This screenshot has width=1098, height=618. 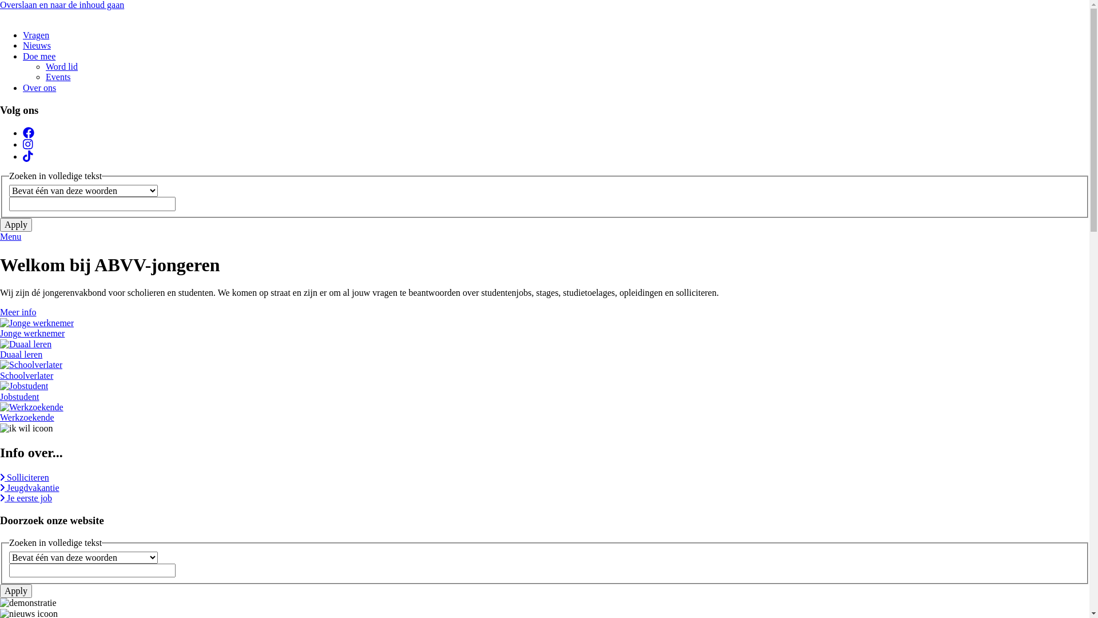 I want to click on 'Vragen', so click(x=35, y=34).